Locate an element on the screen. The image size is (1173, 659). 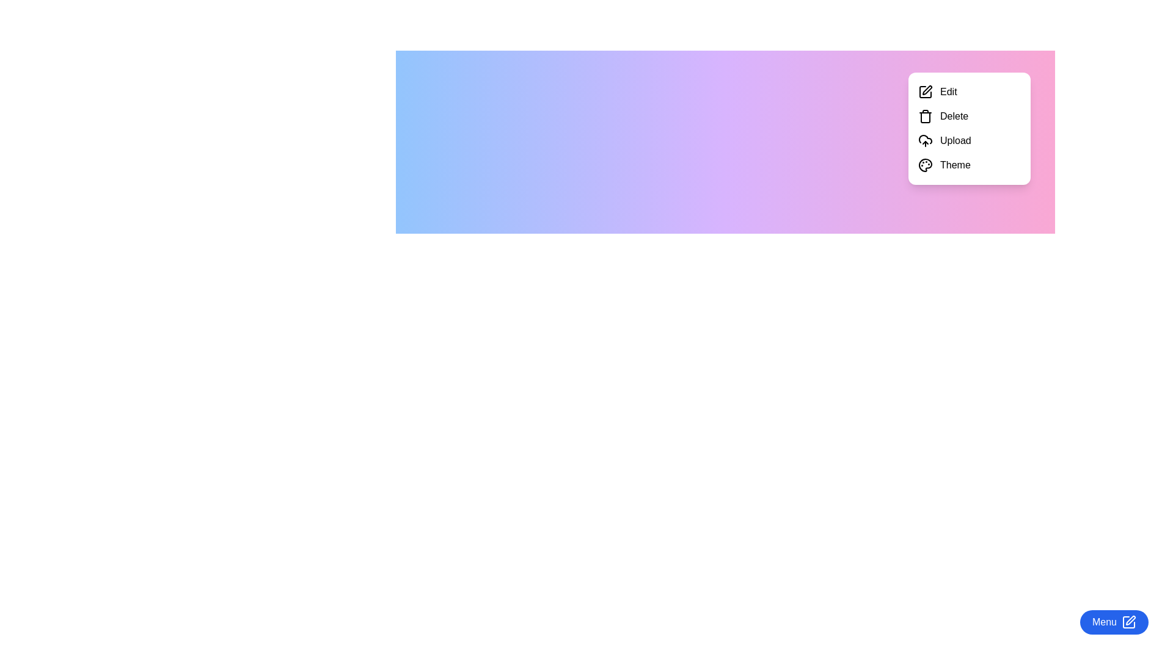
the Upload menu option is located at coordinates (969, 140).